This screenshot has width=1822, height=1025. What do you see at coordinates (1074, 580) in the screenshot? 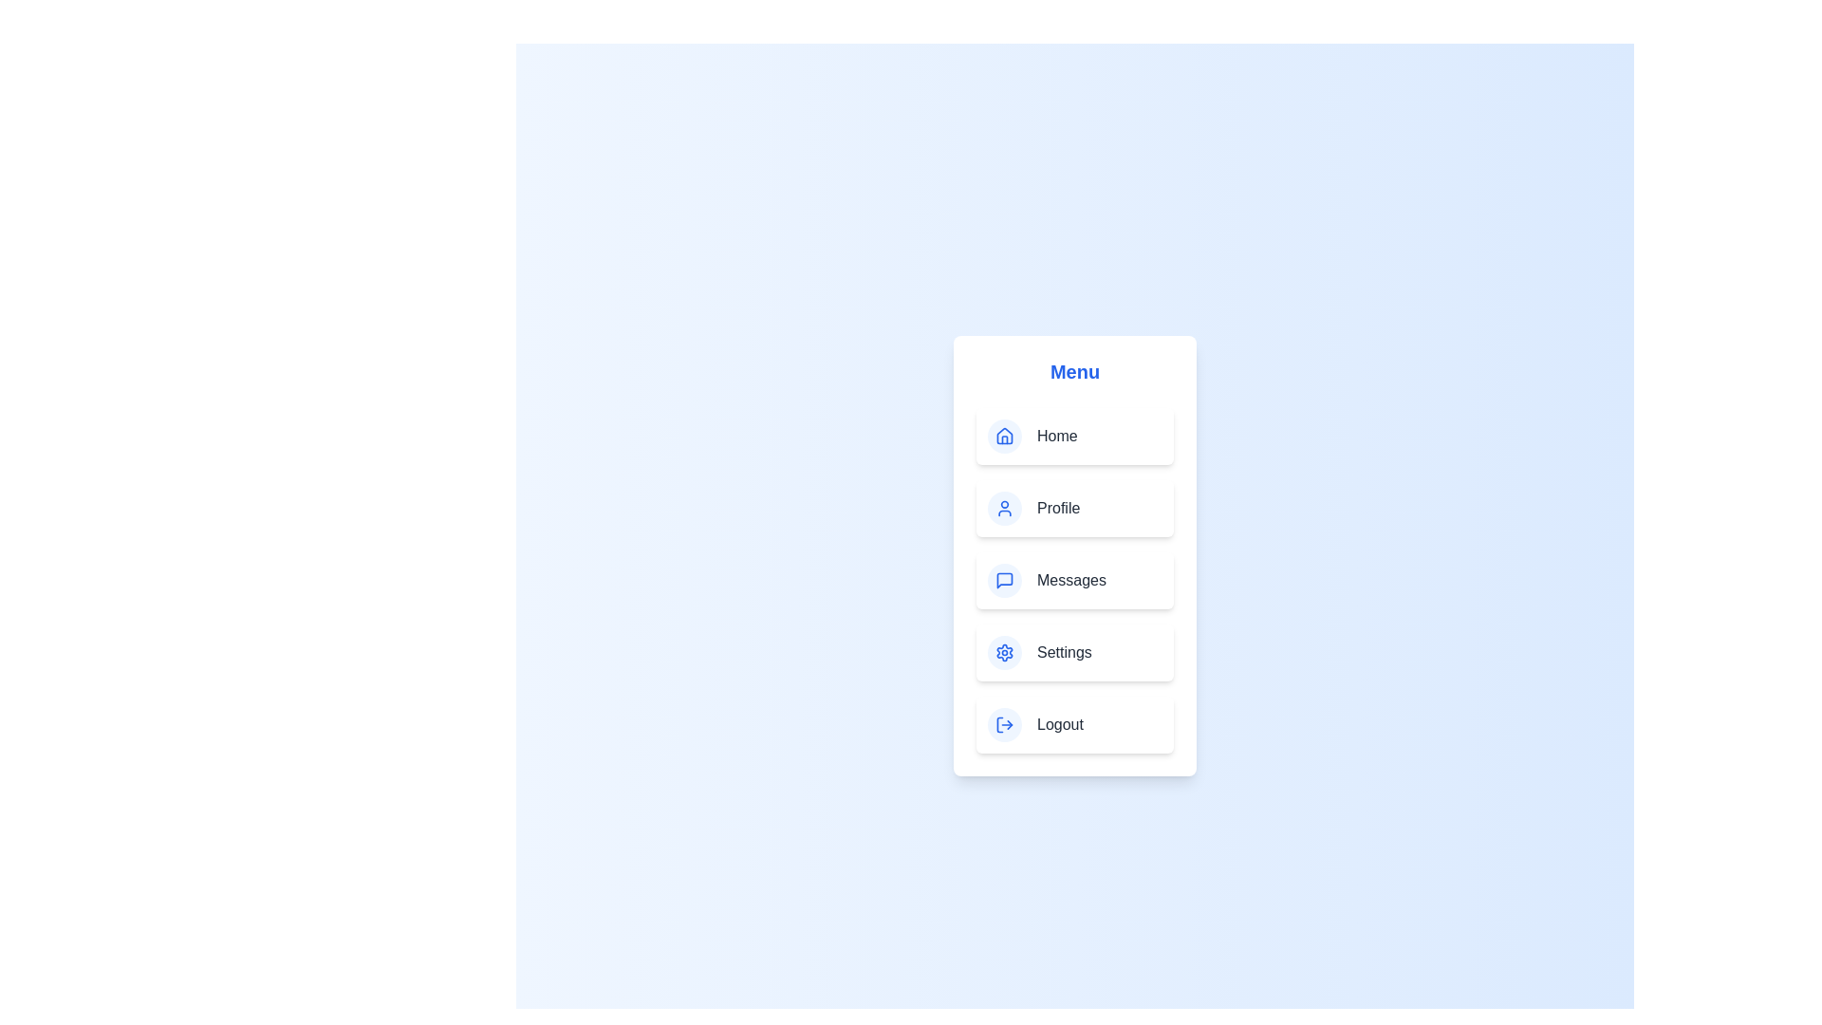
I see `the menu item labeled Messages` at bounding box center [1074, 580].